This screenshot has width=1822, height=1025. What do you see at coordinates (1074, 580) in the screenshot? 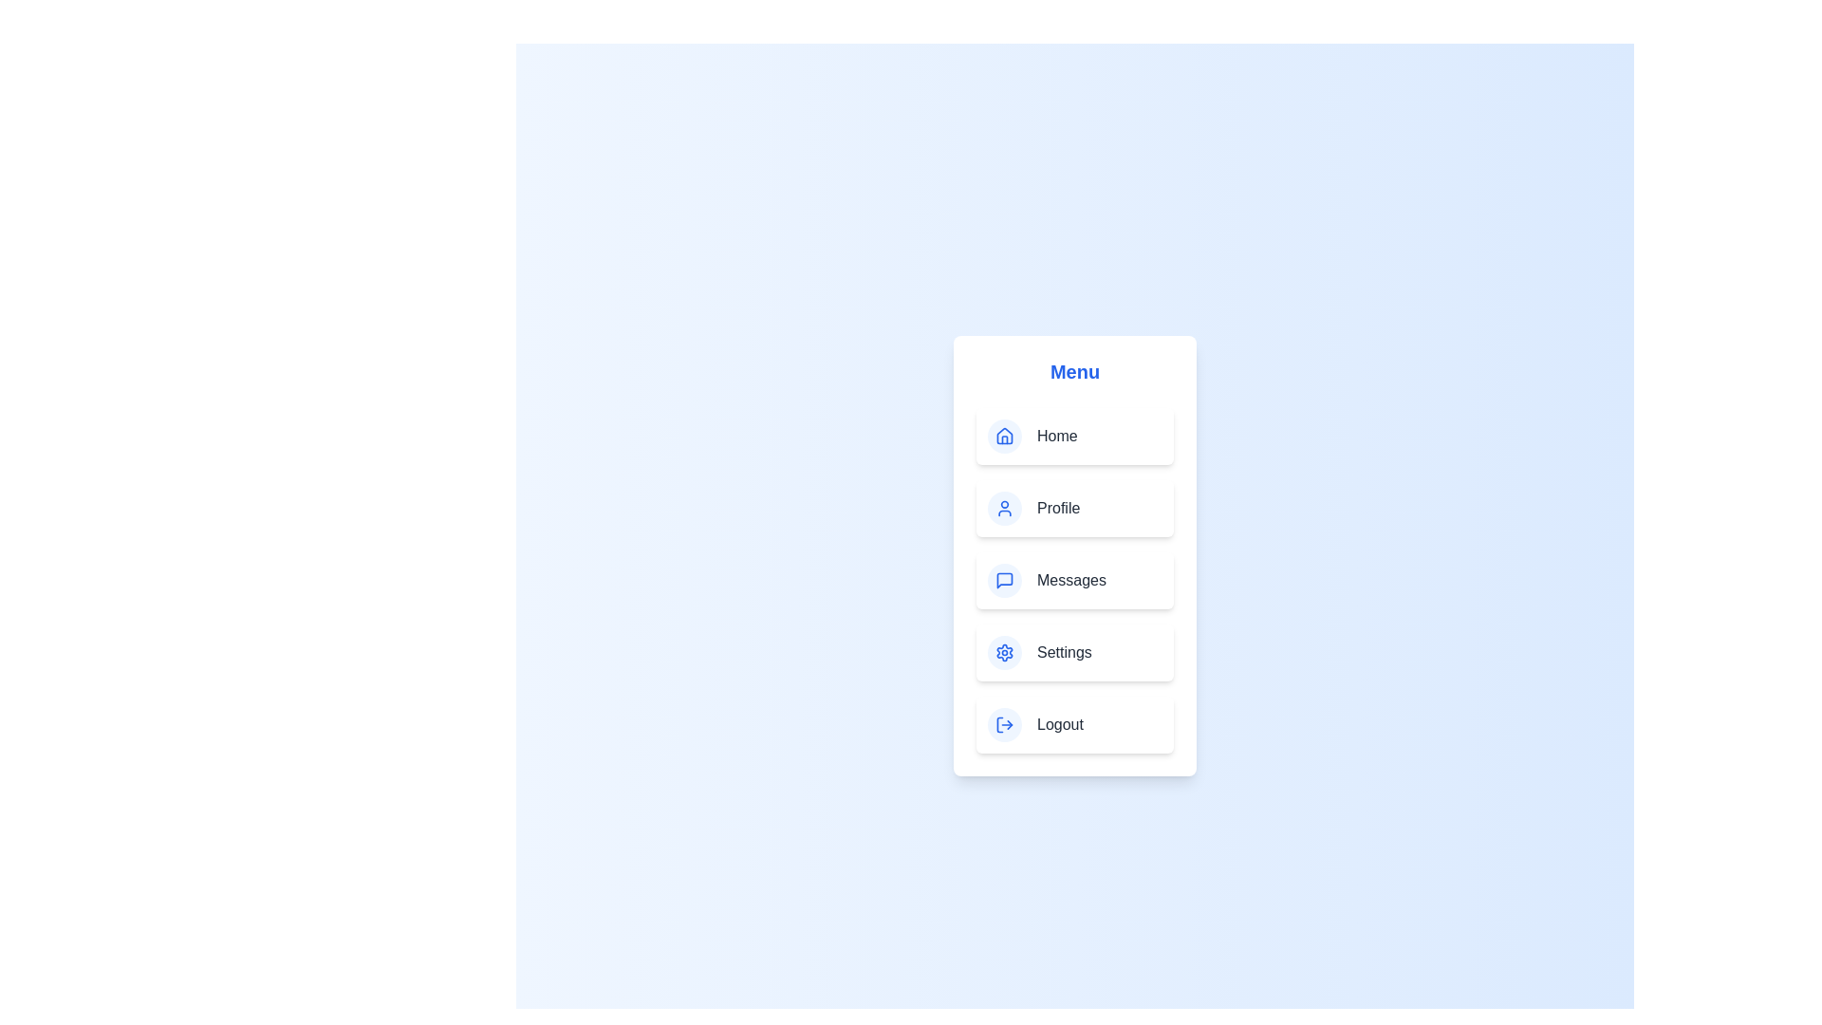
I see `the menu item labeled Messages` at bounding box center [1074, 580].